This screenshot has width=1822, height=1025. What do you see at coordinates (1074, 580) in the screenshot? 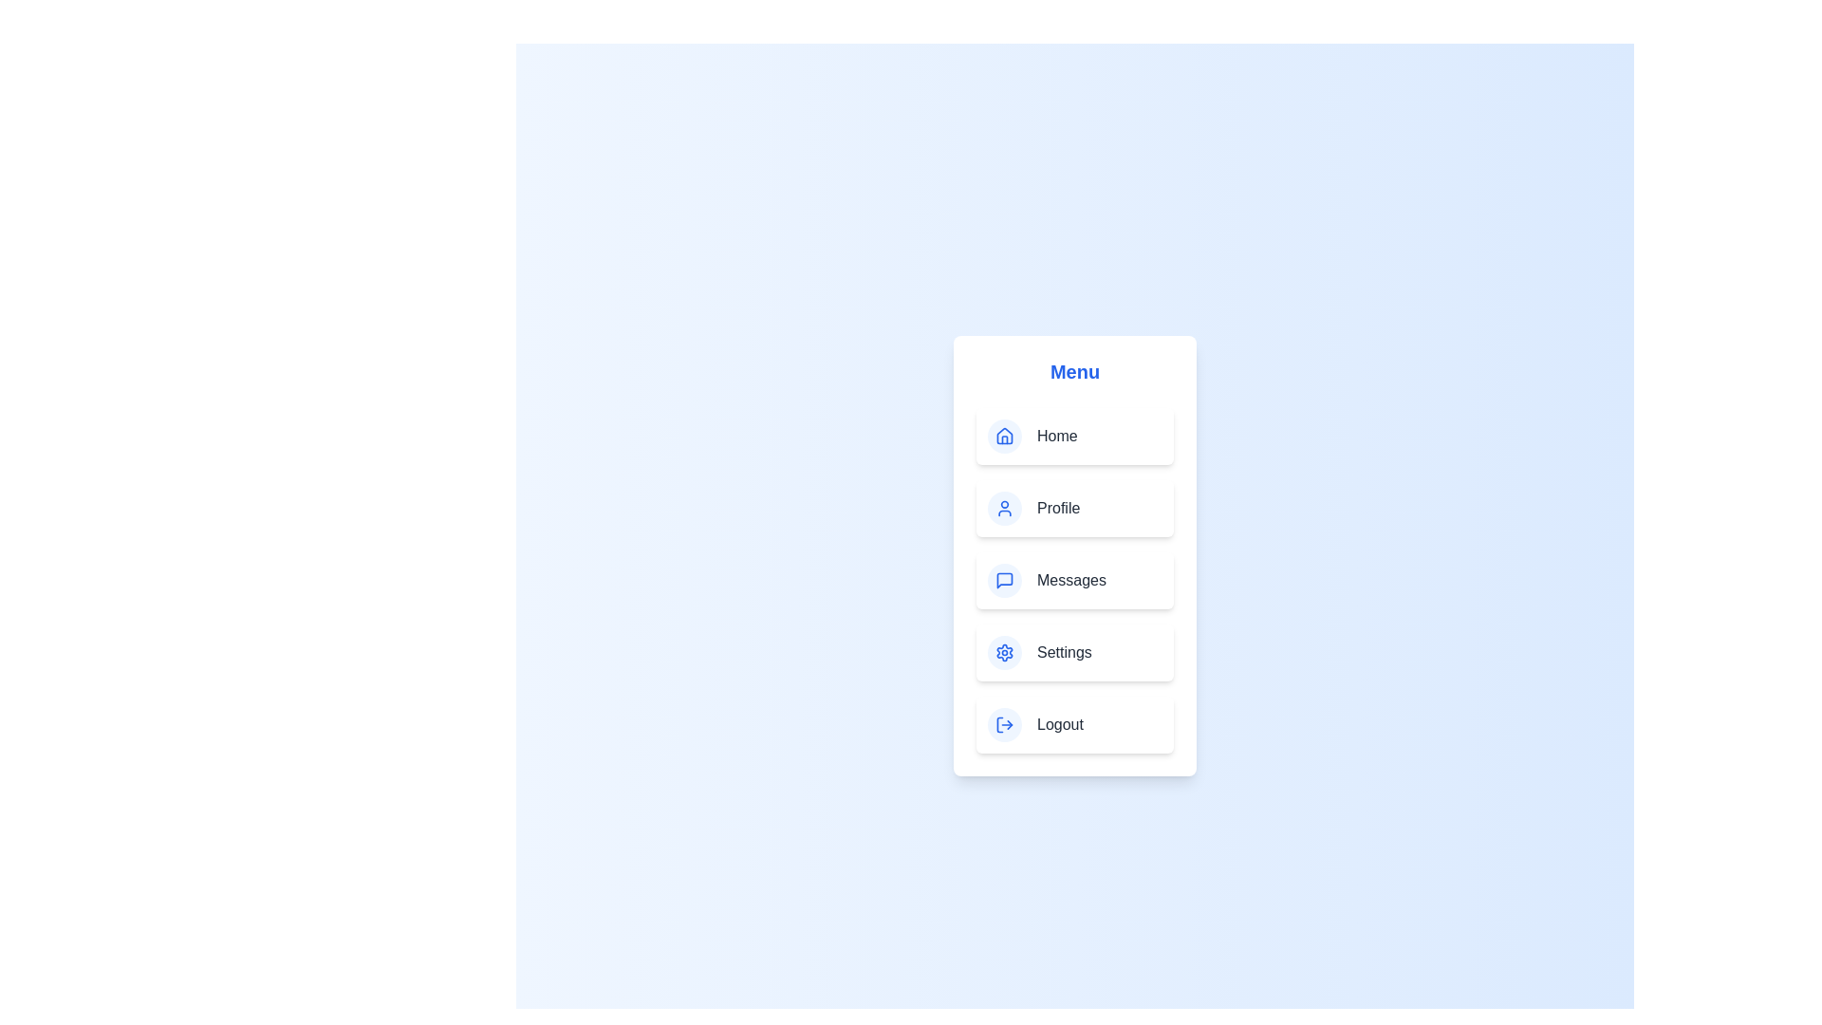
I see `the menu item labeled Messages` at bounding box center [1074, 580].